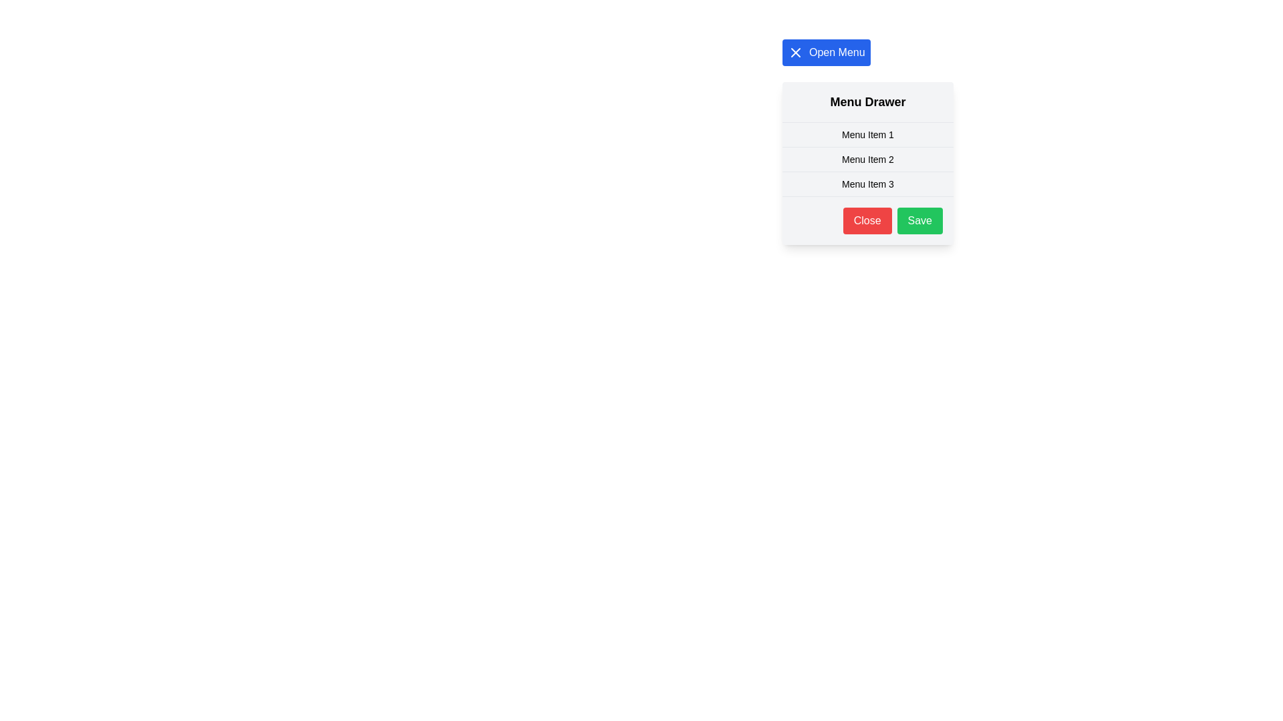 The image size is (1283, 721). Describe the element at coordinates (868, 184) in the screenshot. I see `the 'Menu Item 3'` at that location.